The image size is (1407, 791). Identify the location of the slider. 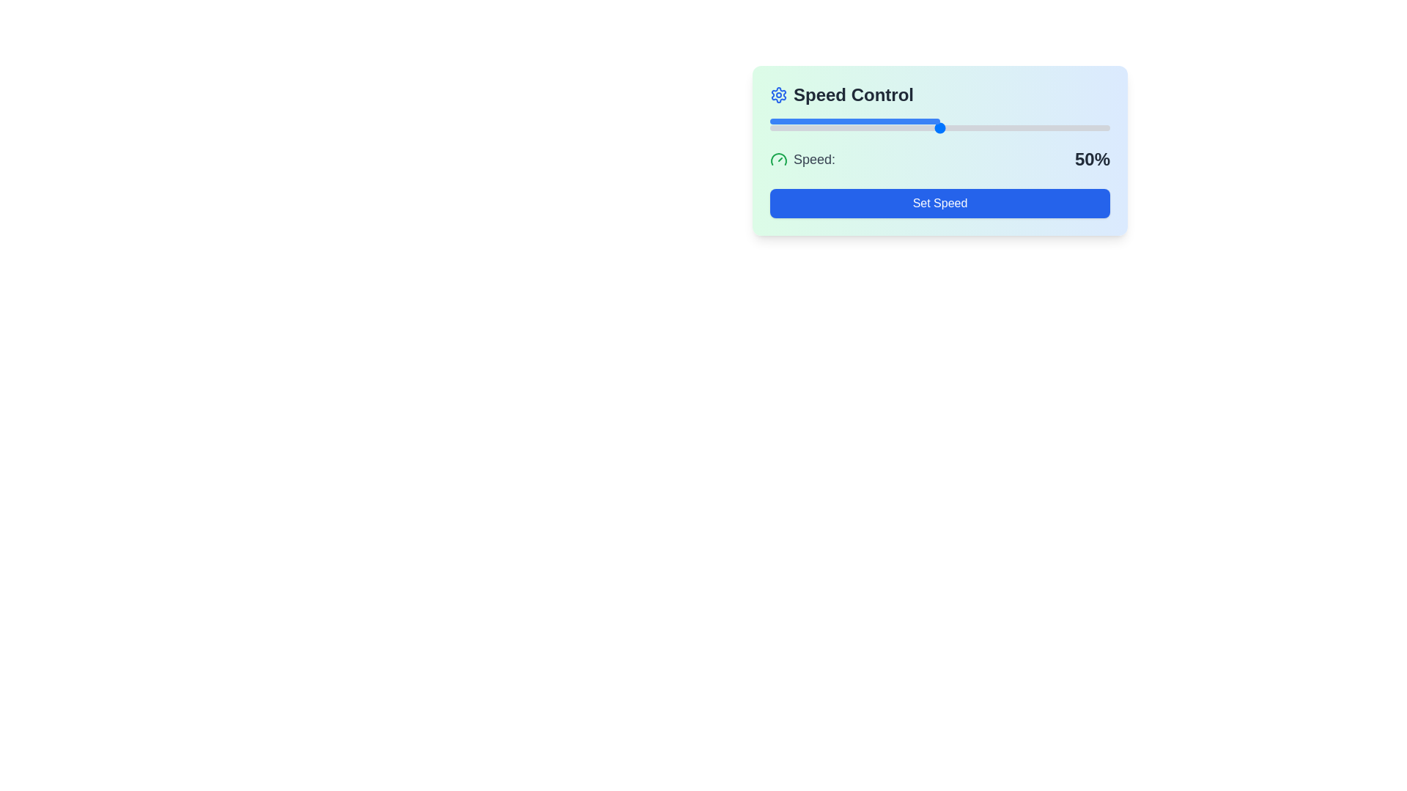
(1062, 127).